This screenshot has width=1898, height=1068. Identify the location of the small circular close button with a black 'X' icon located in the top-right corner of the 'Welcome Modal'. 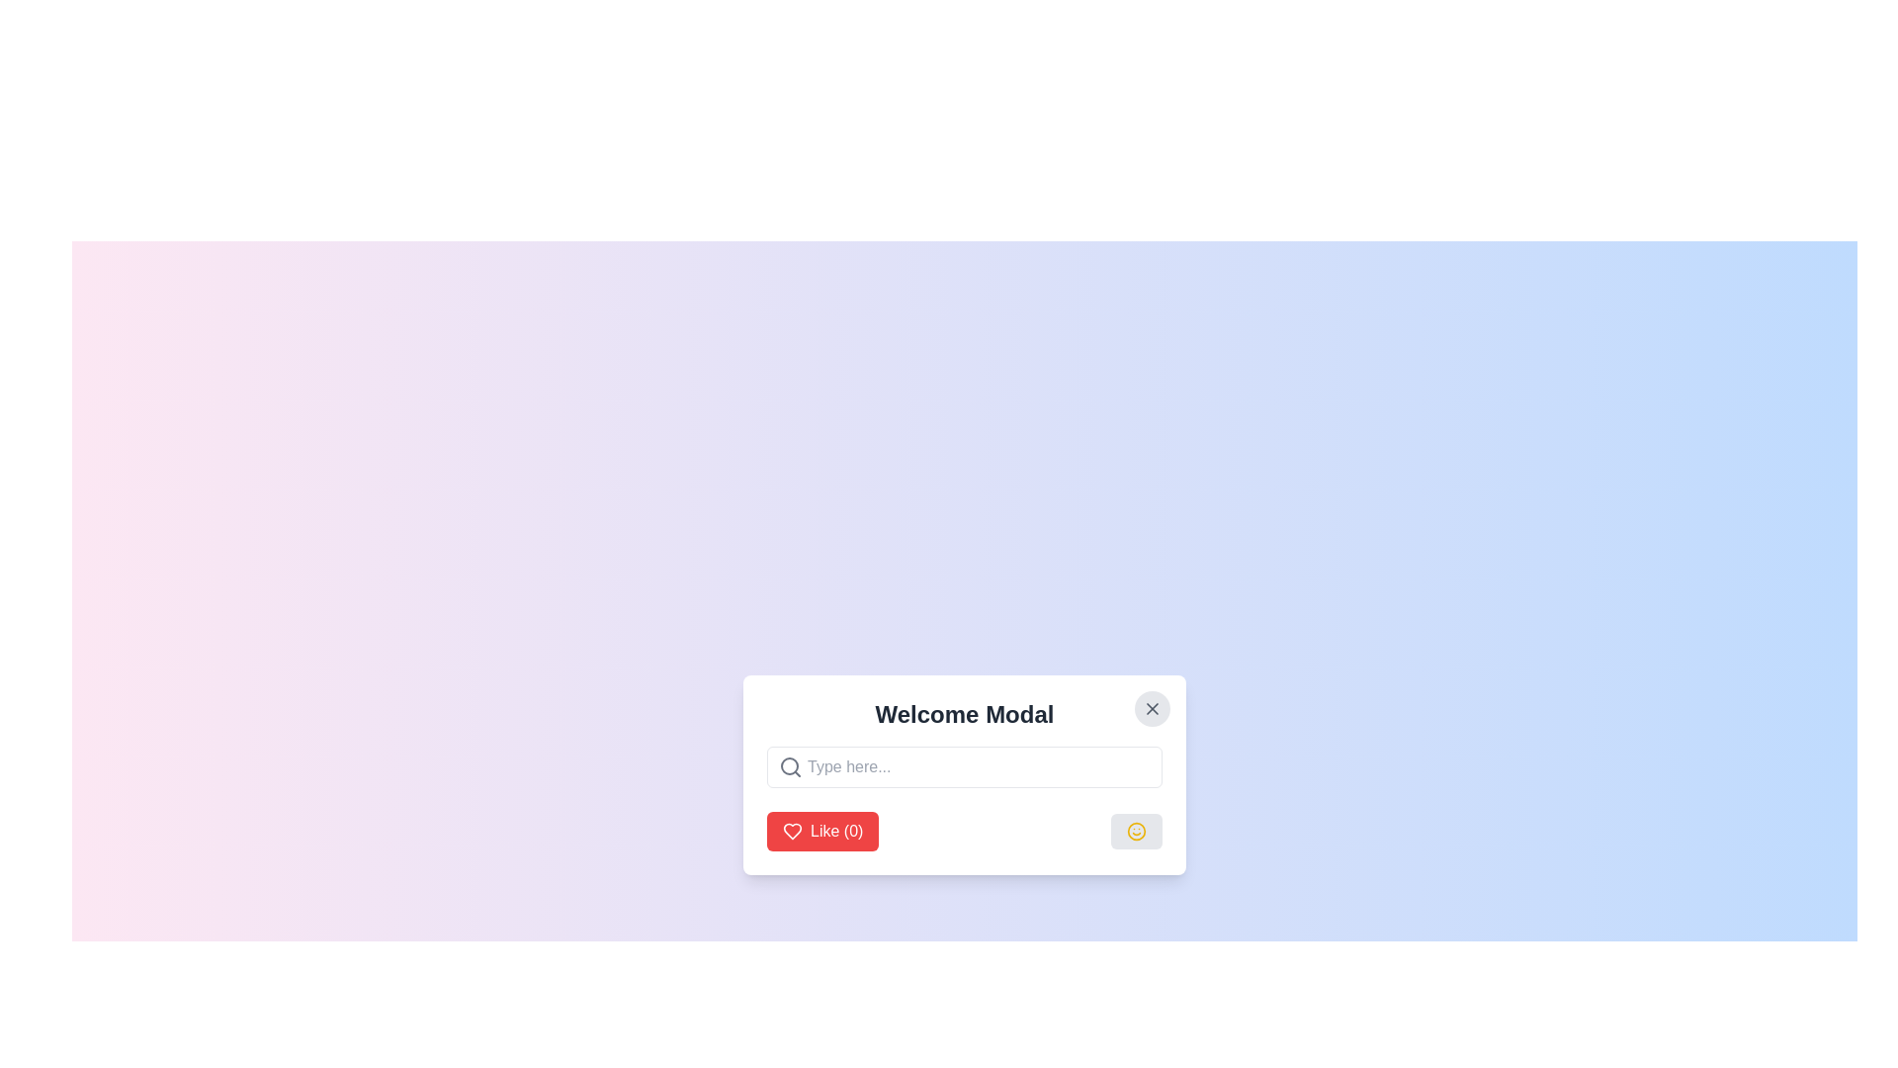
(1153, 708).